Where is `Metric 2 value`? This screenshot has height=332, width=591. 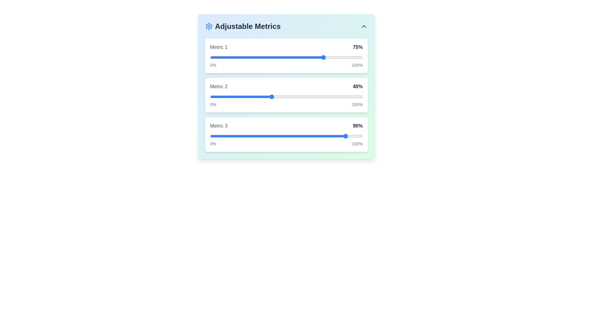
Metric 2 value is located at coordinates (275, 97).